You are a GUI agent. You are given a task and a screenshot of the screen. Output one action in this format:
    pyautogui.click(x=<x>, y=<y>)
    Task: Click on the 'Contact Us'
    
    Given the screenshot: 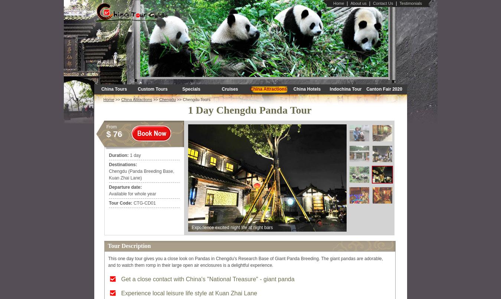 What is the action you would take?
    pyautogui.click(x=383, y=3)
    